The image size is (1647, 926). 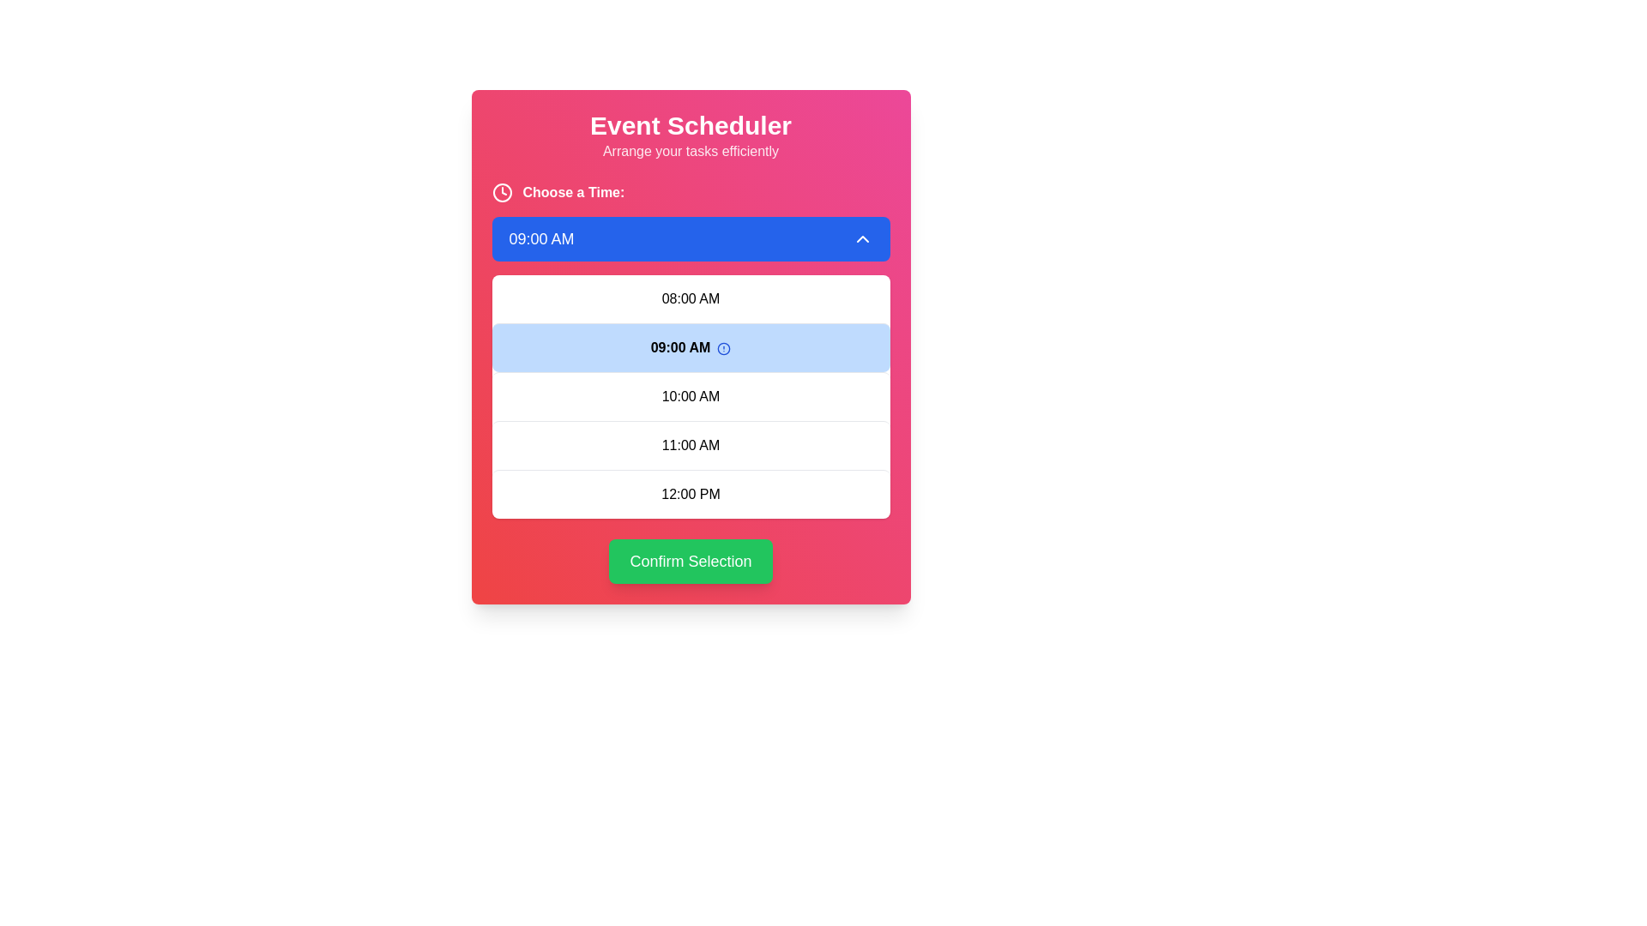 I want to click on the upward-pointing chevron icon button with a blue background, so click(x=862, y=238).